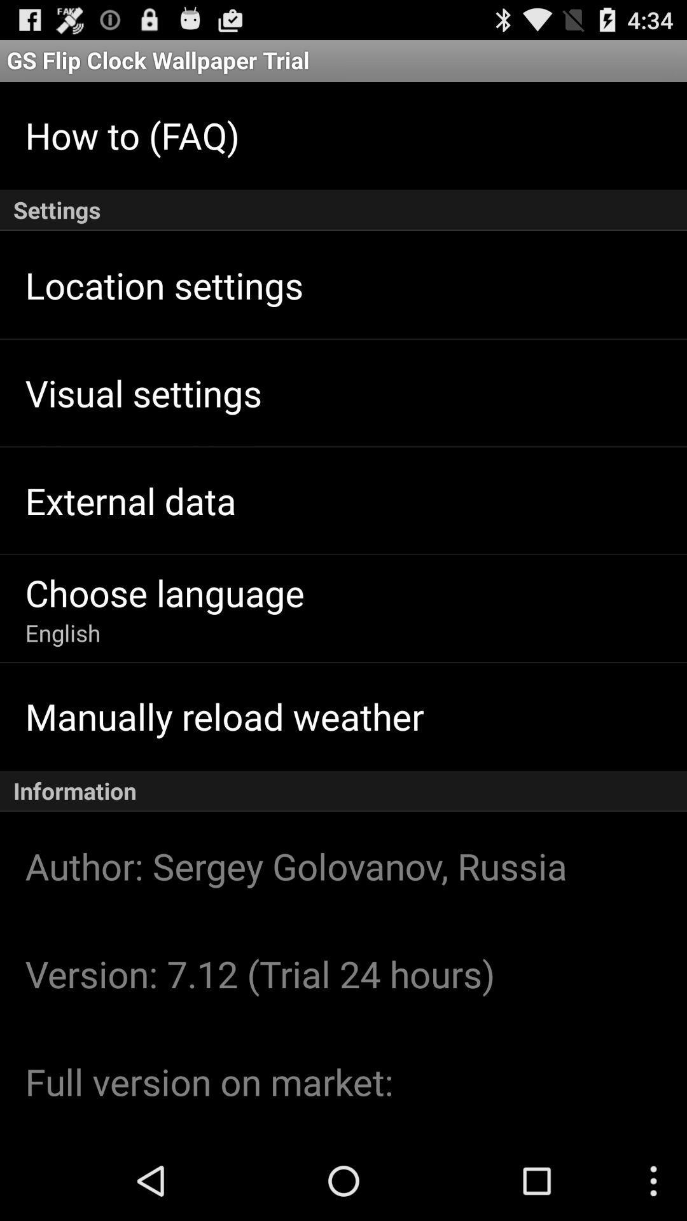 The image size is (687, 1221). What do you see at coordinates (163, 284) in the screenshot?
I see `the item below settings icon` at bounding box center [163, 284].